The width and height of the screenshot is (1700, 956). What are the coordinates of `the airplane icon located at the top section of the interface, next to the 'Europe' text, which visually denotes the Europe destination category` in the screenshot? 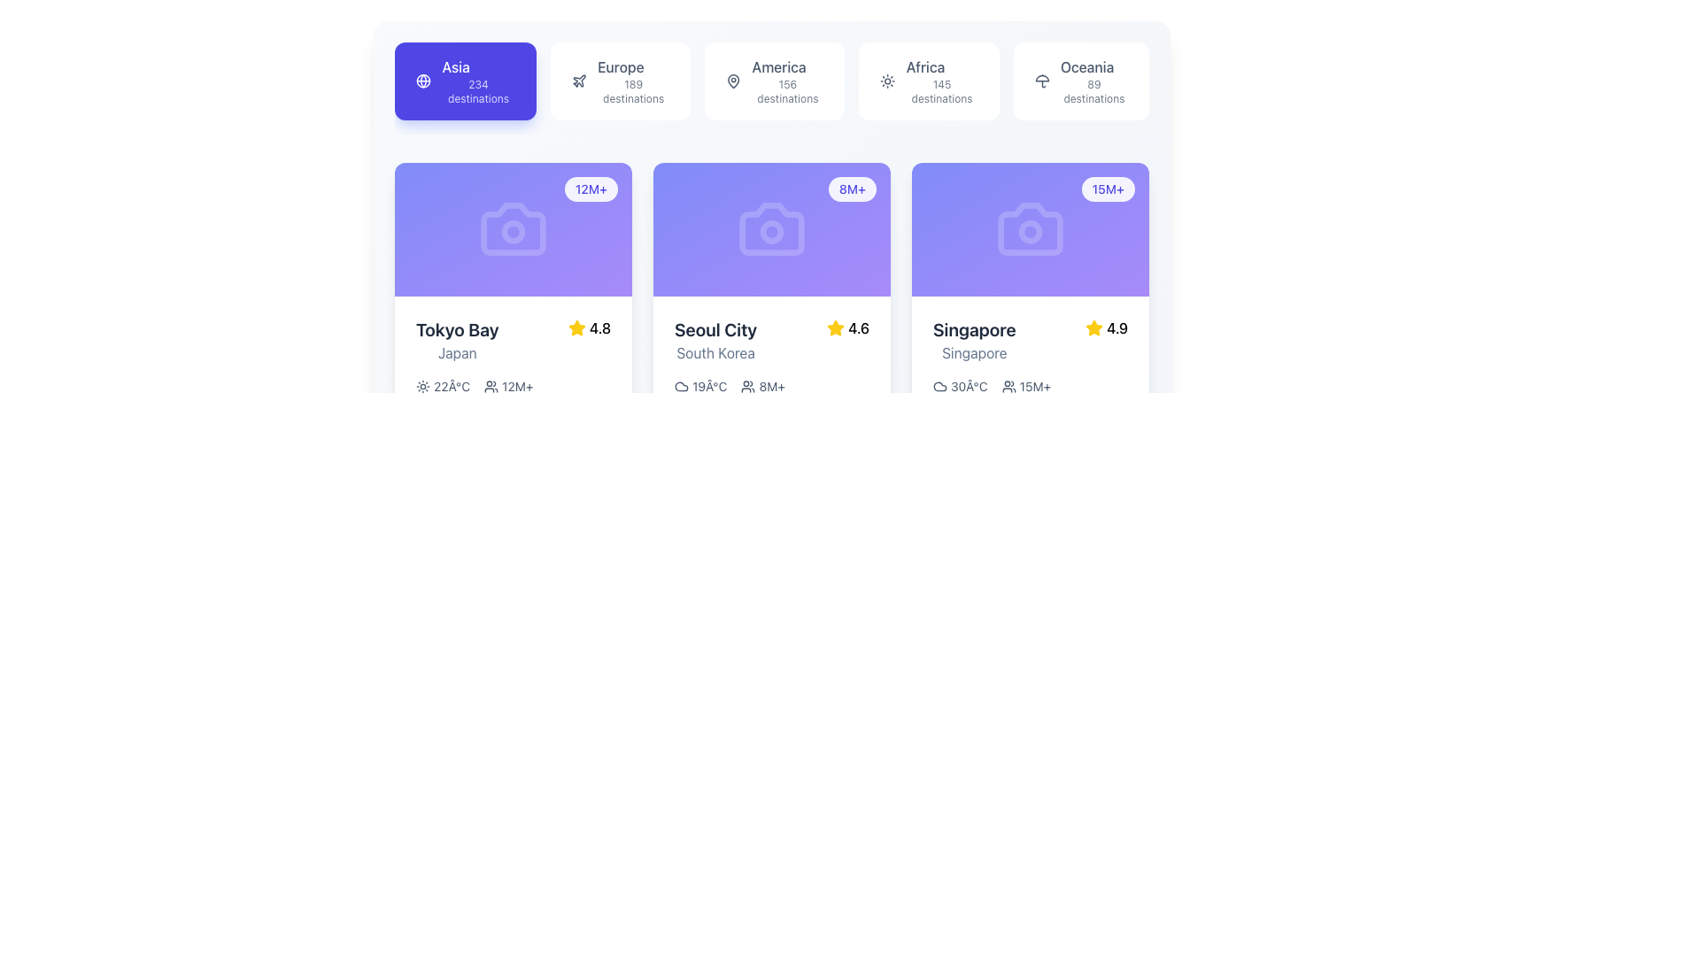 It's located at (579, 81).